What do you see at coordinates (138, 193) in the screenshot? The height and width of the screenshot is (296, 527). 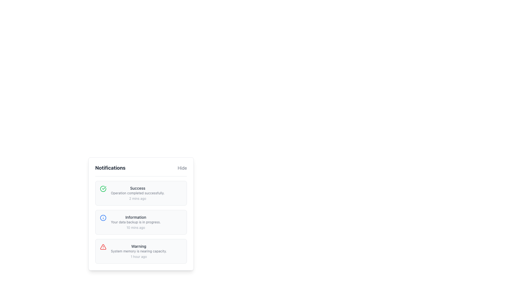 I see `the text label that reads 'Operation completed successfully.' which is styled in small gray font and is part of a notification panel` at bounding box center [138, 193].